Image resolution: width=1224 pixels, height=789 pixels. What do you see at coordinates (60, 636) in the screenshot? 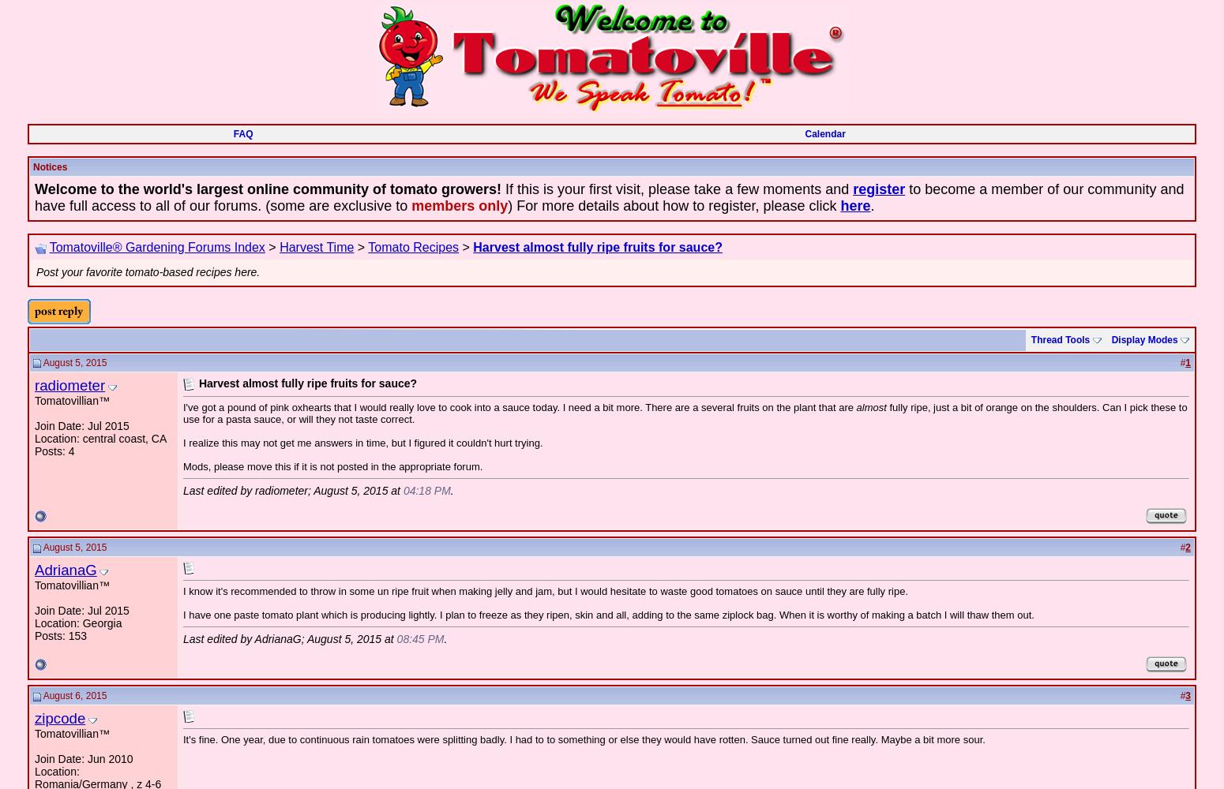
I see `'Posts: 153'` at bounding box center [60, 636].